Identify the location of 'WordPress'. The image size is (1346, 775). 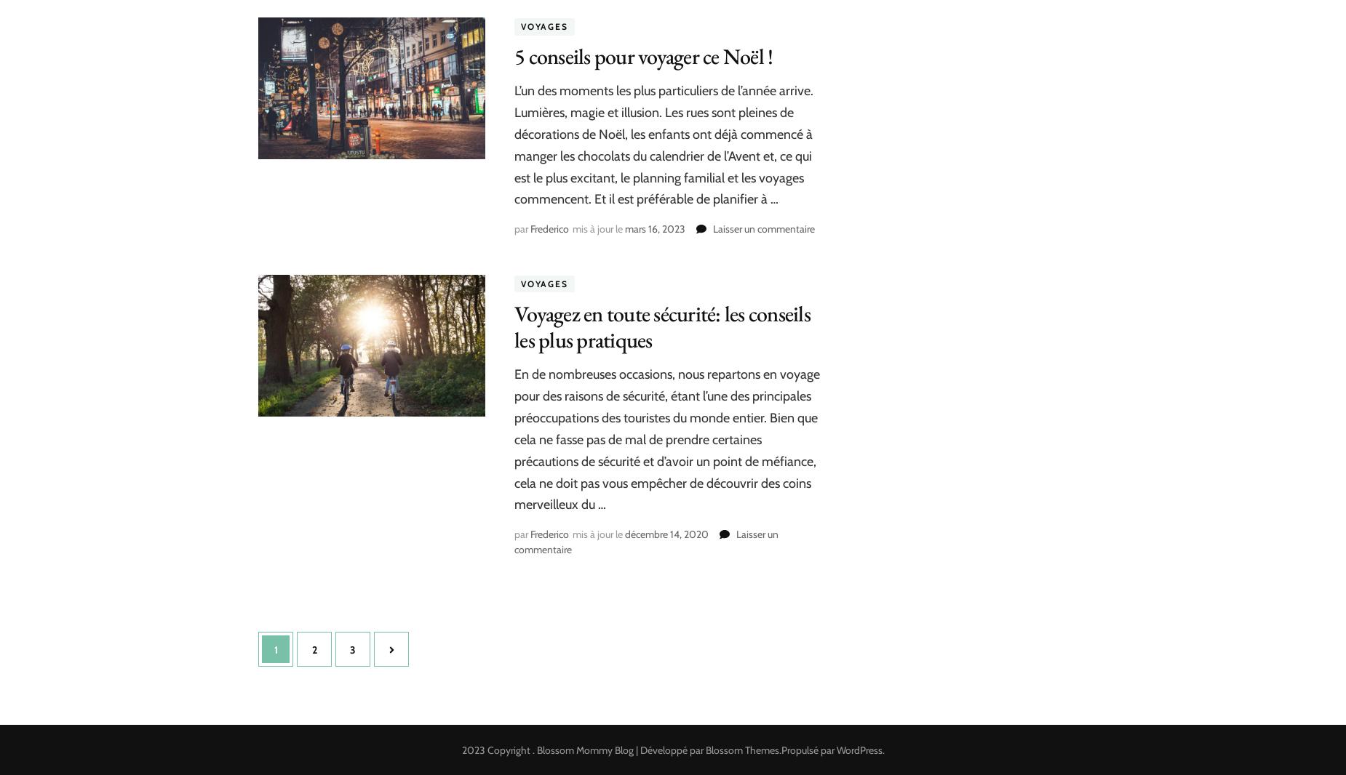
(858, 750).